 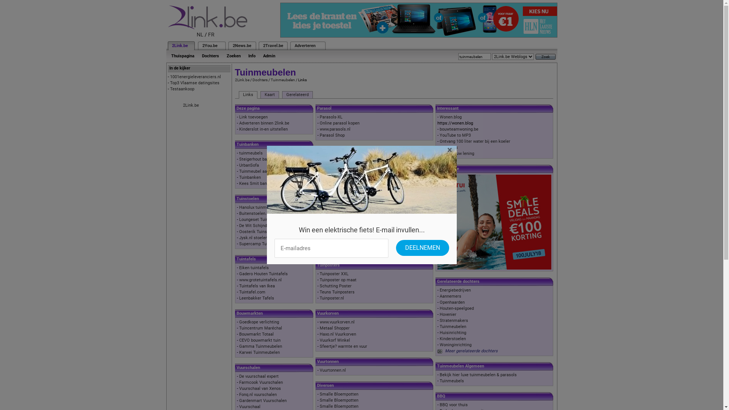 I want to click on 'Kinderslot in-en uitstellen', so click(x=264, y=129).